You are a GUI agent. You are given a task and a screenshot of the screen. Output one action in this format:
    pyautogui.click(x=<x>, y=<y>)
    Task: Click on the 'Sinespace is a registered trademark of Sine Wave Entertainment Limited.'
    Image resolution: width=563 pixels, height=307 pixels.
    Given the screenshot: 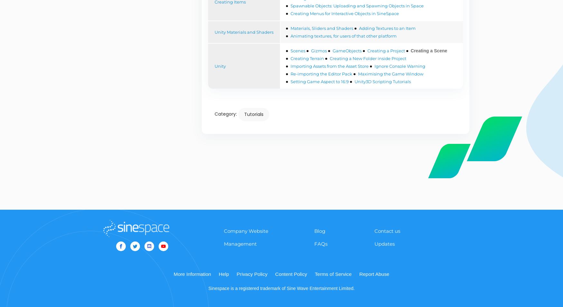 What is the action you would take?
    pyautogui.click(x=208, y=288)
    